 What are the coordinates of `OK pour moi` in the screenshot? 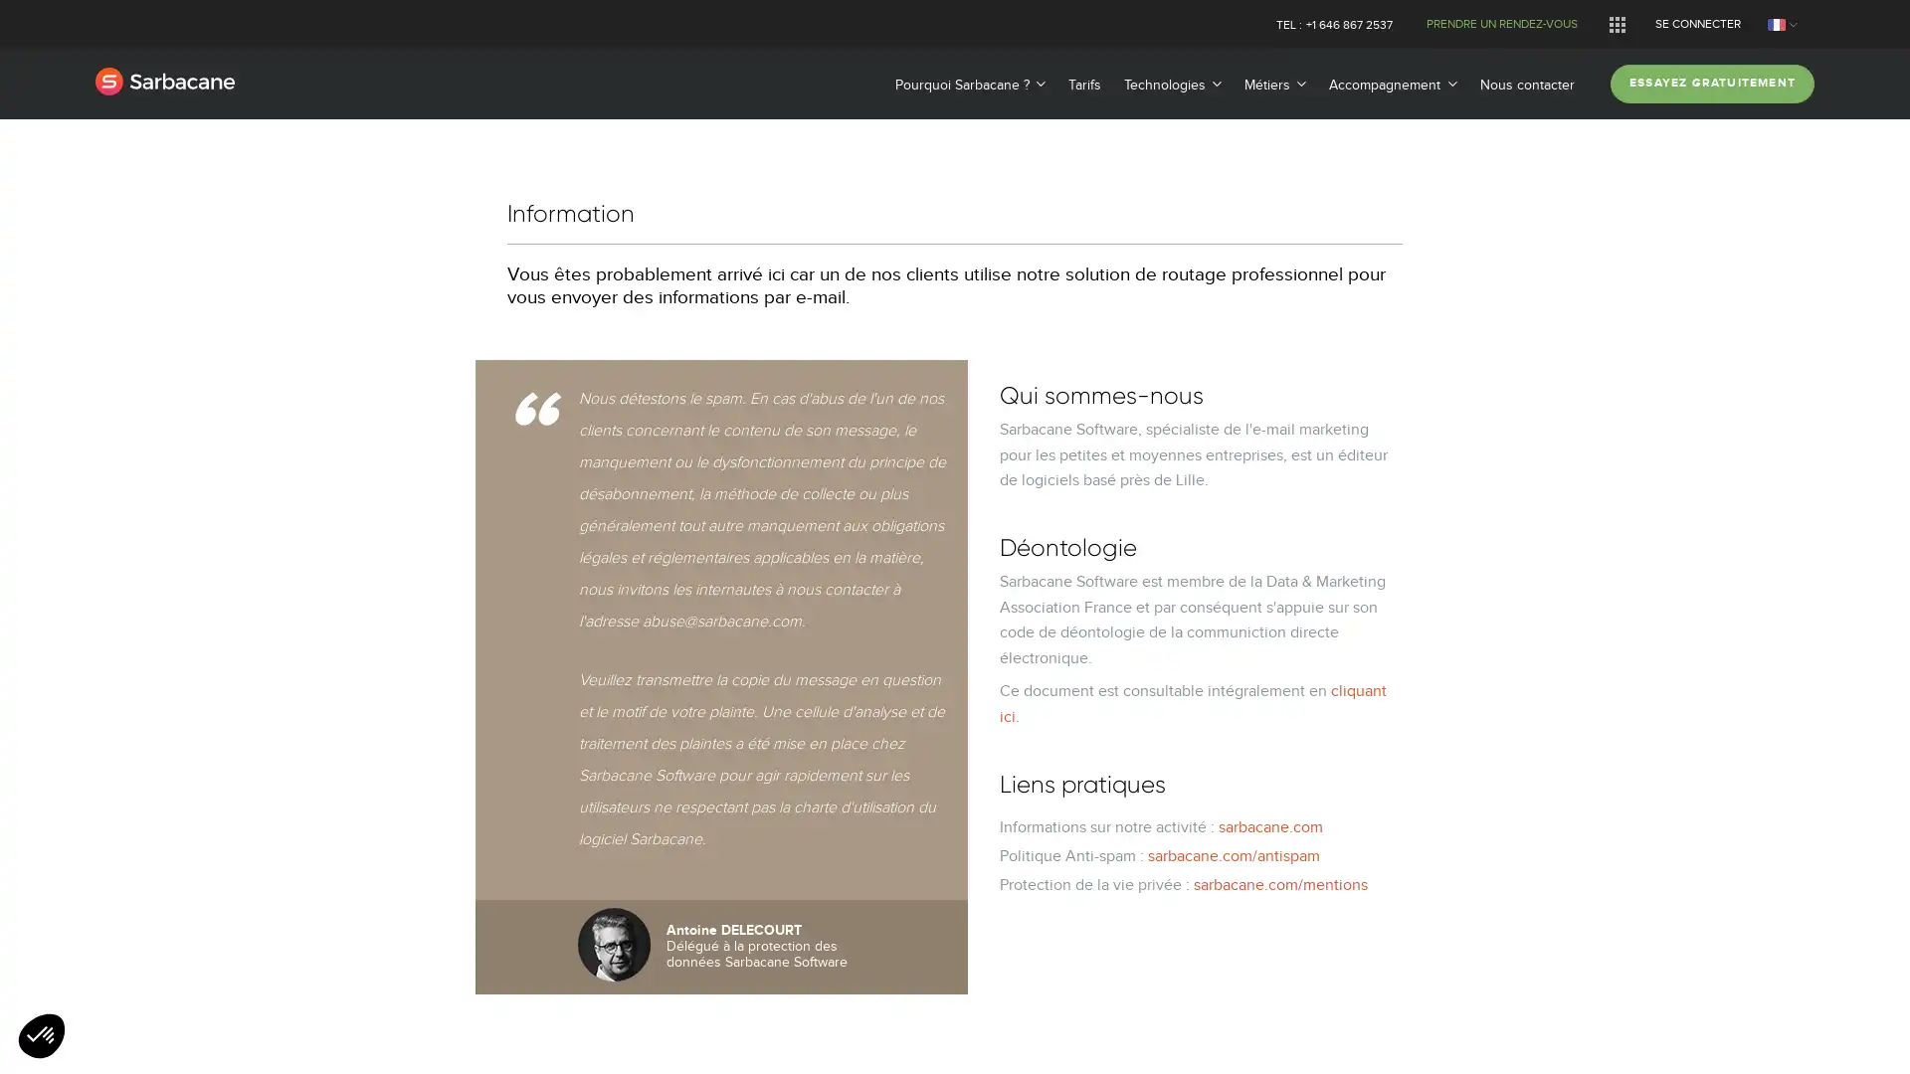 It's located at (1112, 672).